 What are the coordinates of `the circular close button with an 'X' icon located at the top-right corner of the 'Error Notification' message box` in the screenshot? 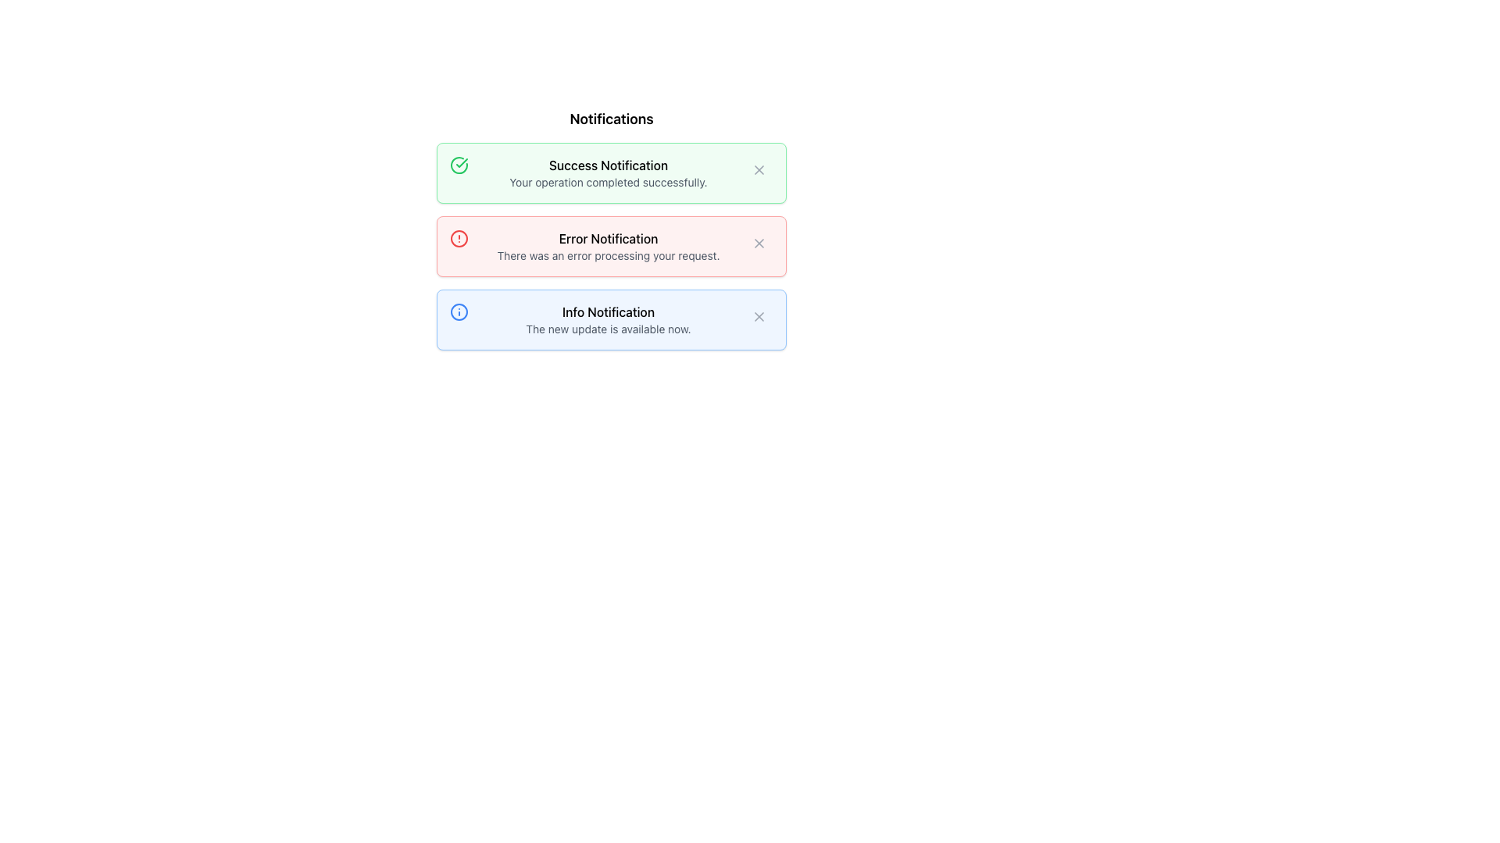 It's located at (759, 244).